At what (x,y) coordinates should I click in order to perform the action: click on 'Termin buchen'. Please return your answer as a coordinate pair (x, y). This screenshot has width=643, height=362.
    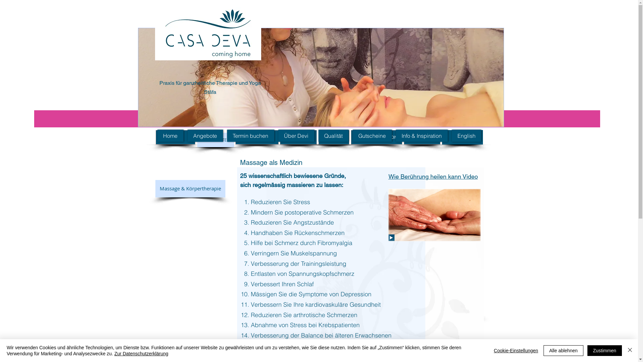
    Looking at the image, I should click on (250, 136).